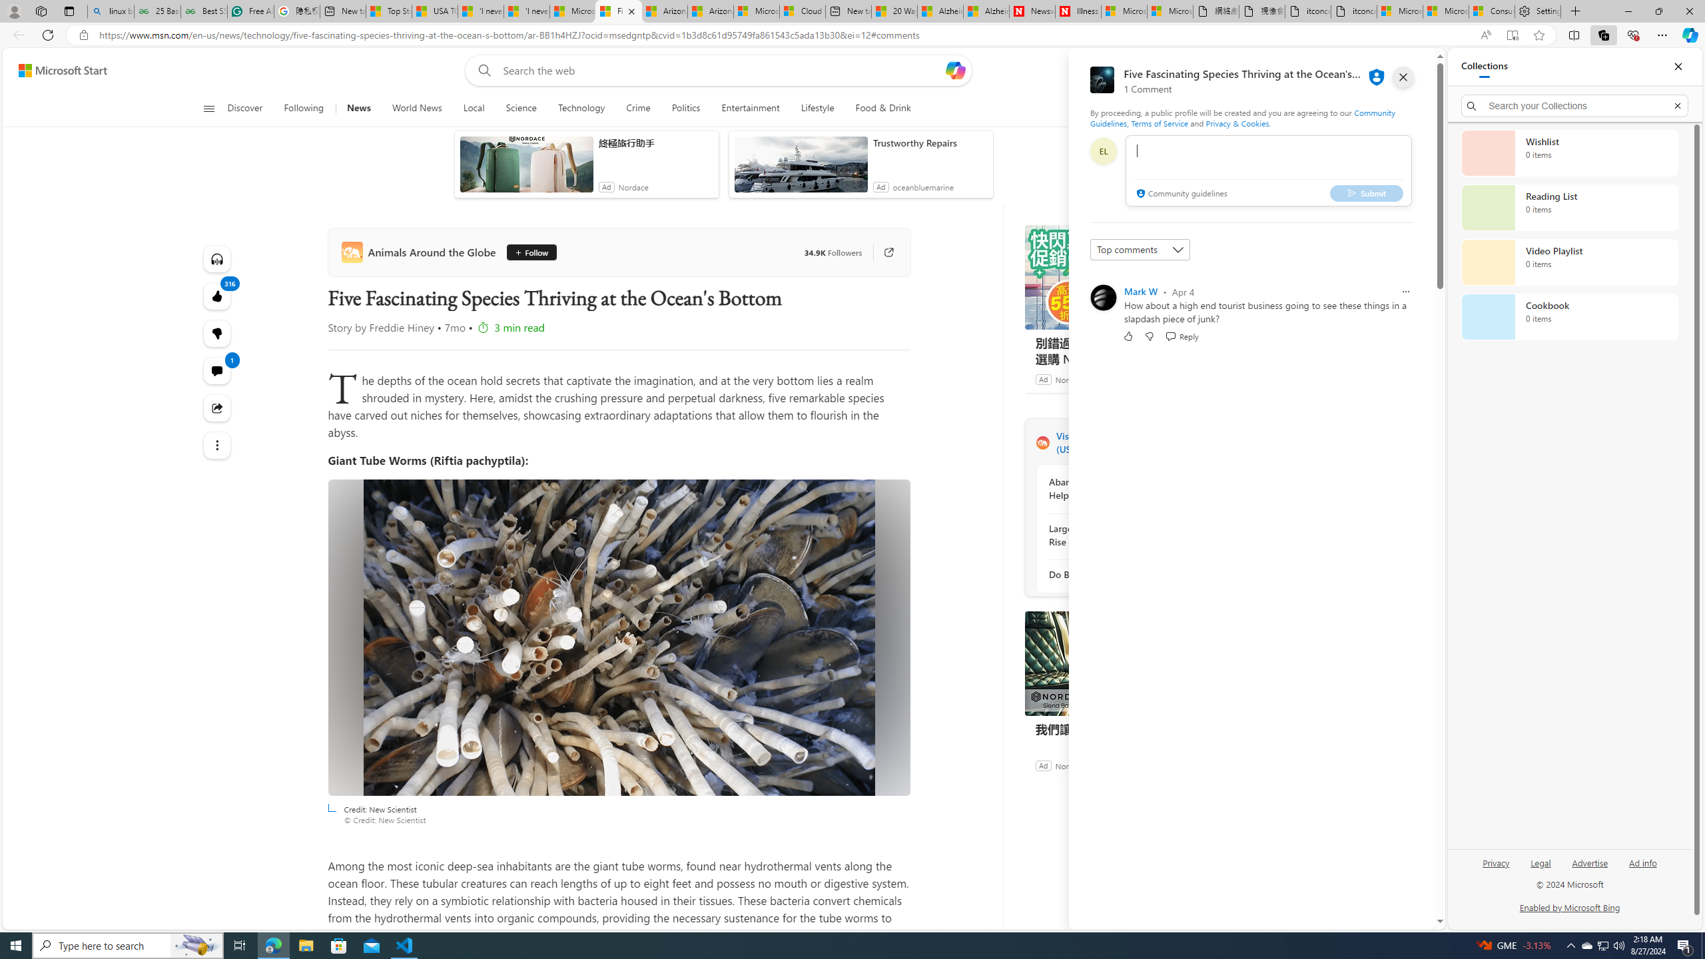  Describe the element at coordinates (1642, 867) in the screenshot. I see `'Ad info'` at that location.